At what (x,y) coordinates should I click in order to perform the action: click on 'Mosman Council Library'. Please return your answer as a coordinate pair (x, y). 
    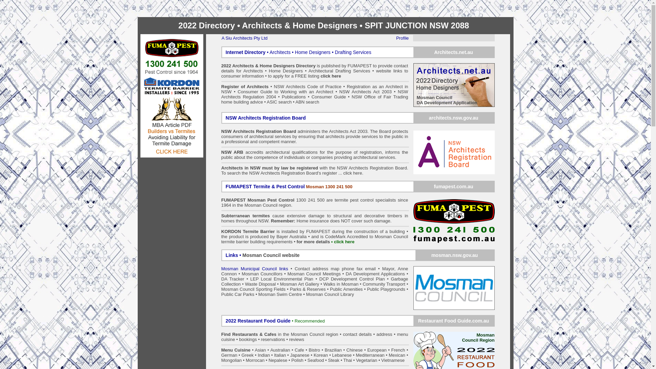
    Looking at the image, I should click on (306, 294).